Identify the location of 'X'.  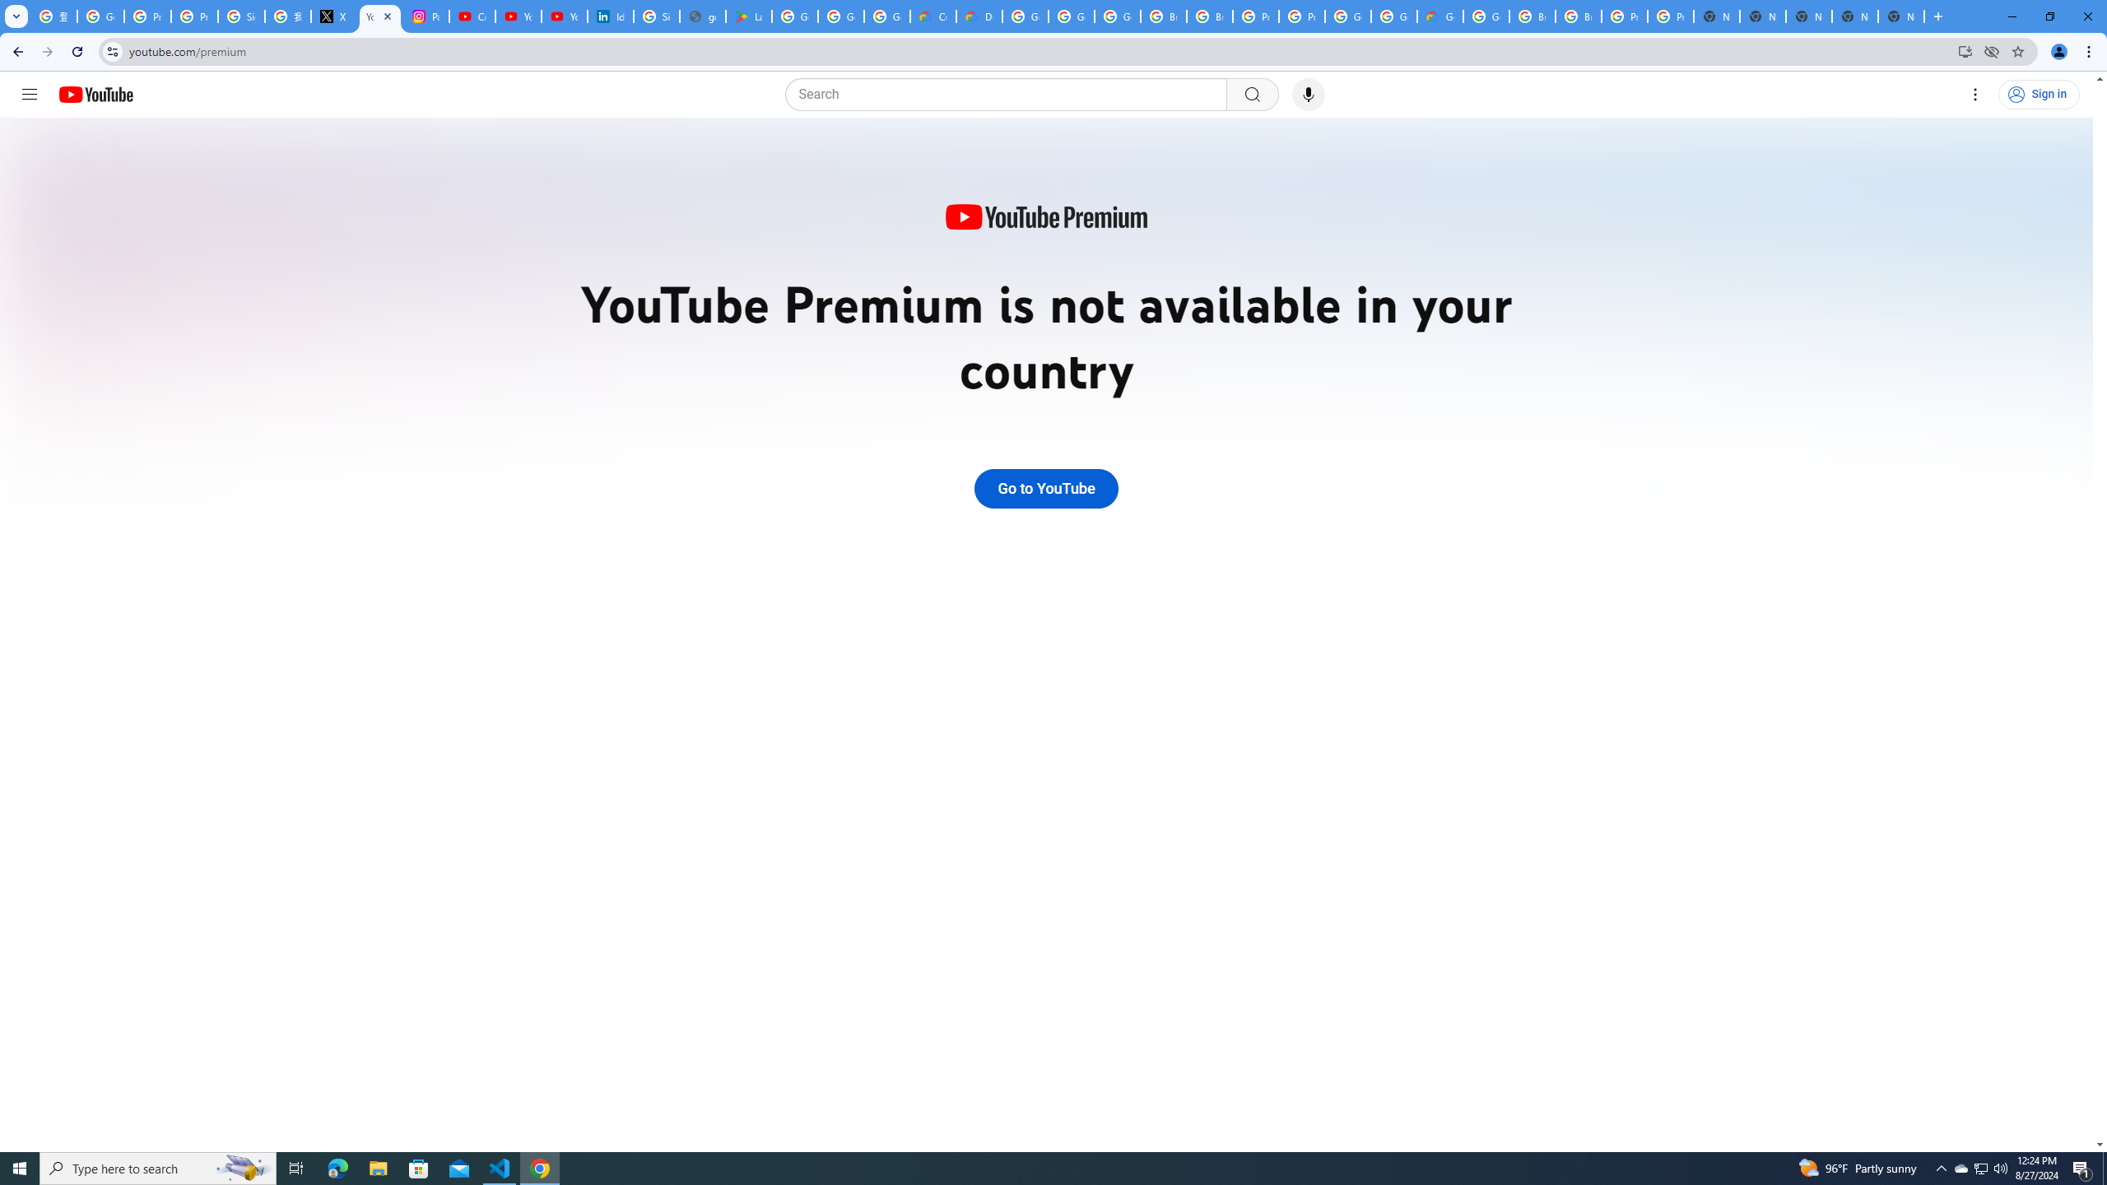
(333, 16).